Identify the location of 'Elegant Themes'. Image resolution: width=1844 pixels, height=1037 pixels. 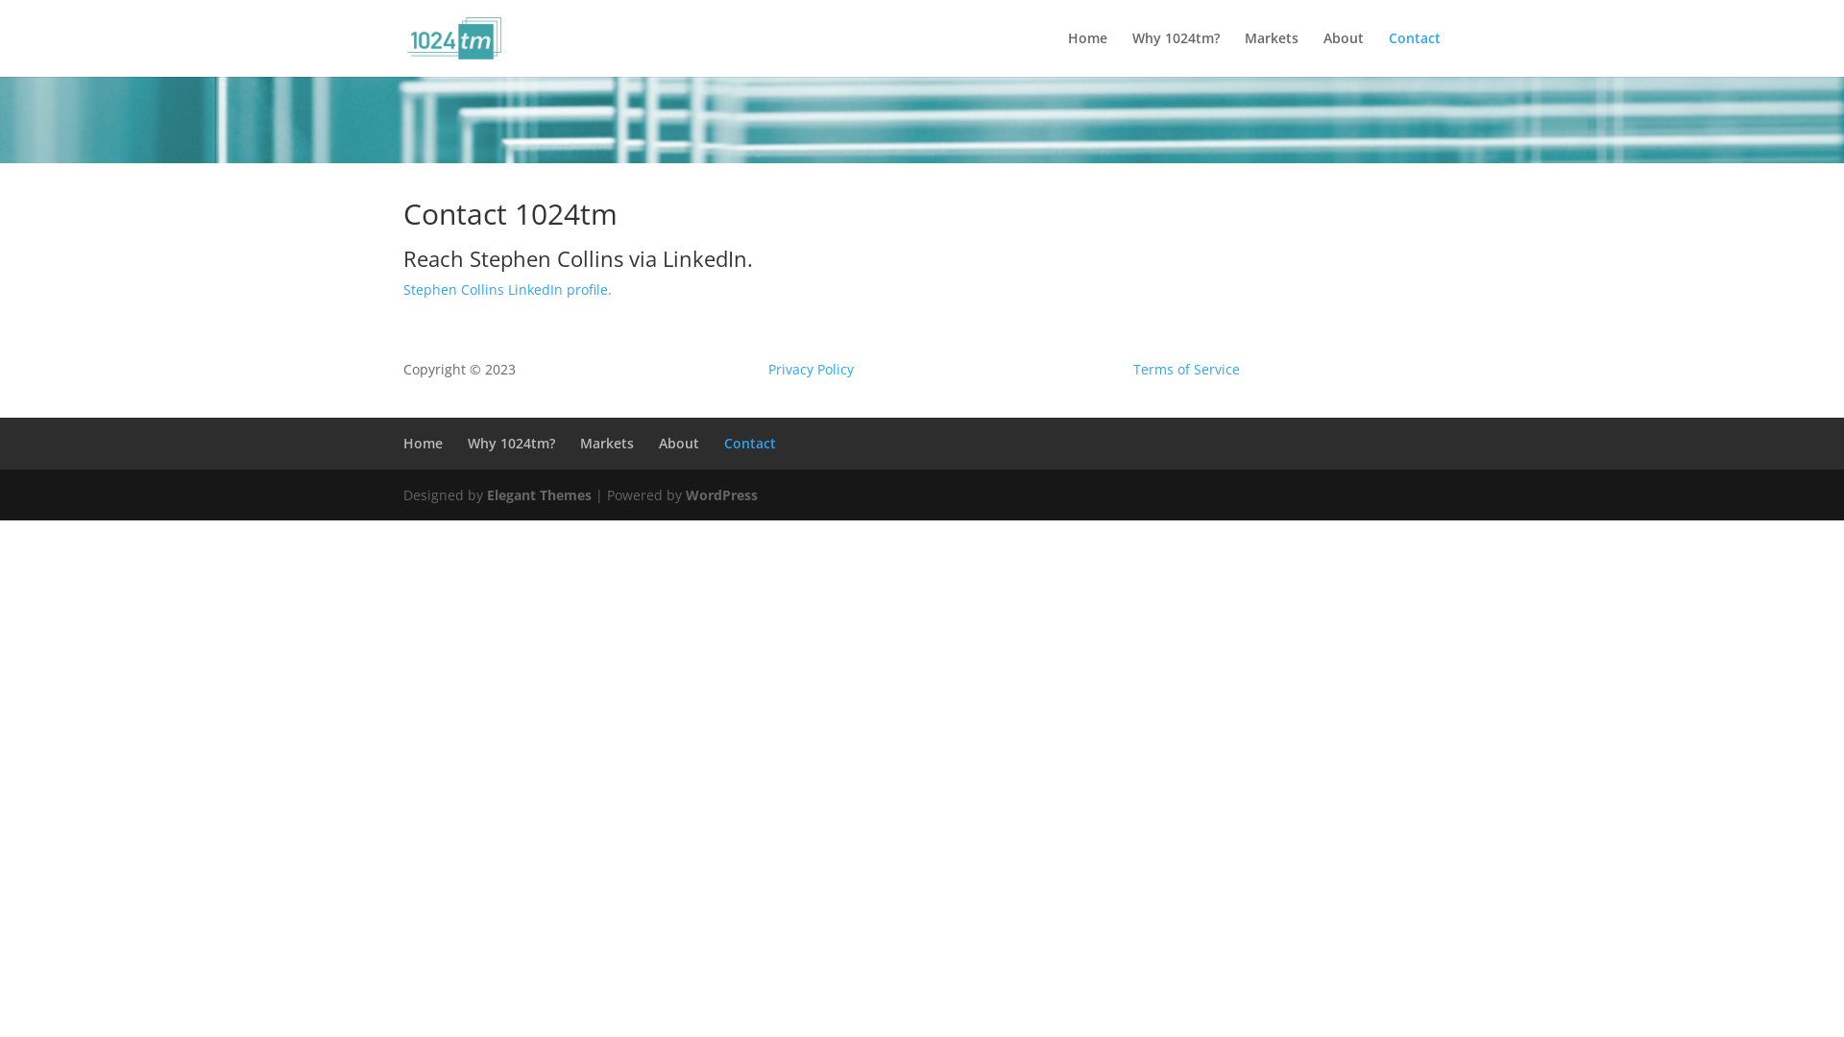
(487, 494).